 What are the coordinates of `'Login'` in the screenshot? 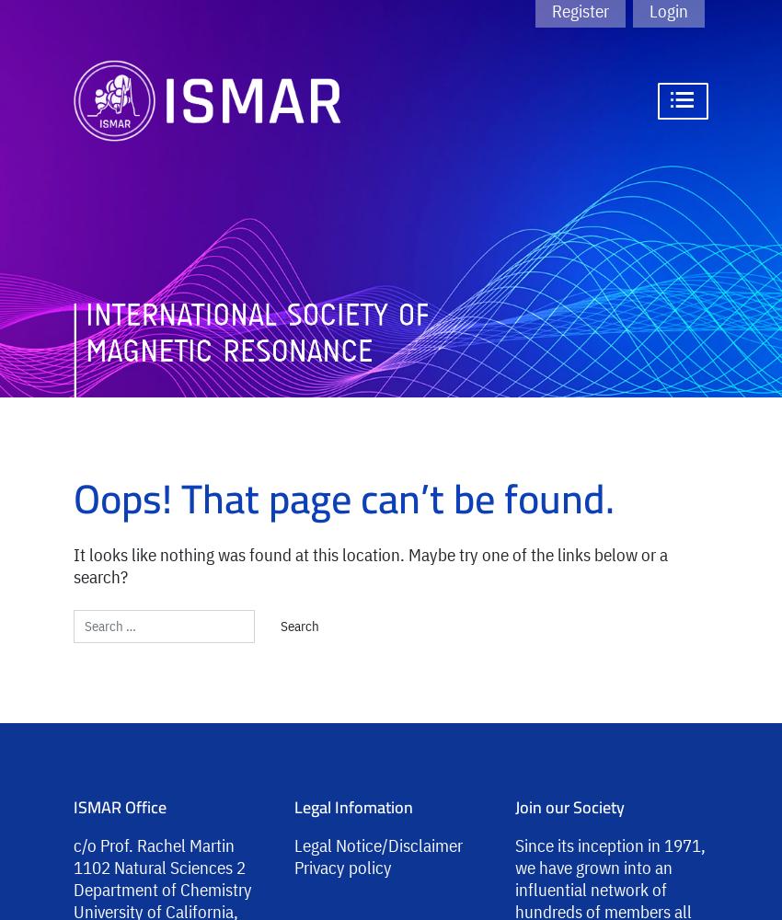 It's located at (669, 11).